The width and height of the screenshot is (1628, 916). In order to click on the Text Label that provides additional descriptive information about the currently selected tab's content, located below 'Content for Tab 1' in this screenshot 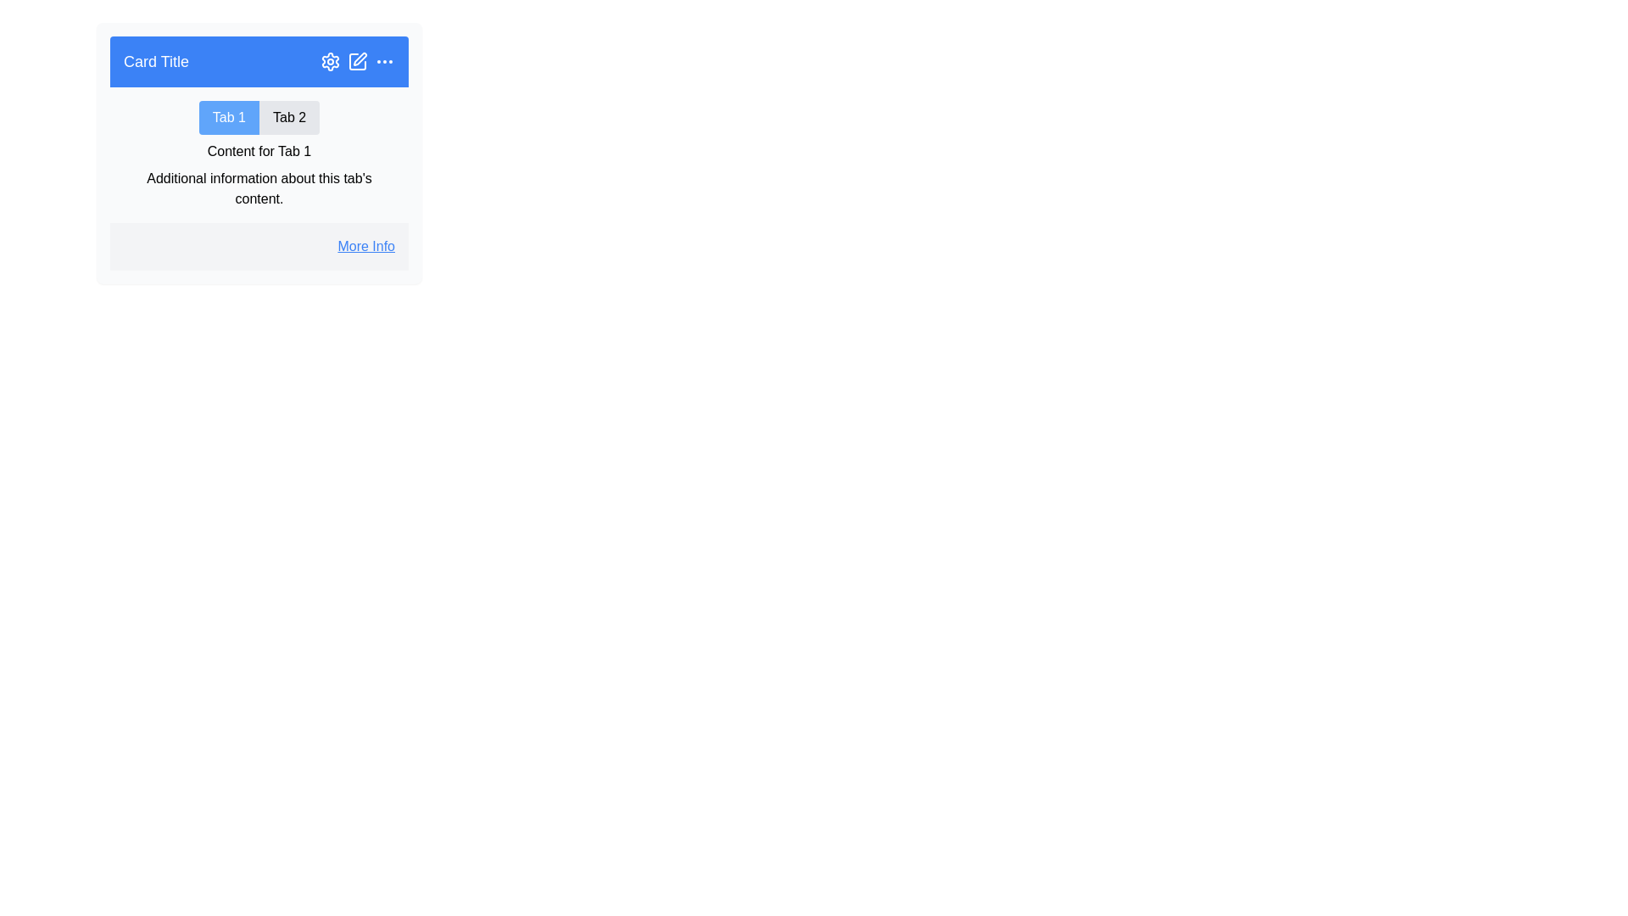, I will do `click(259, 189)`.